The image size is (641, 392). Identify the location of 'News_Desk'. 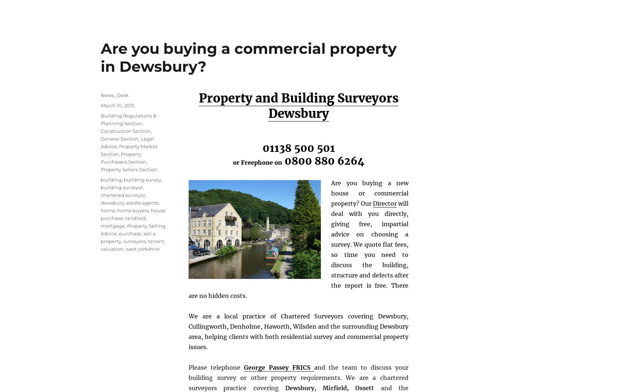
(114, 94).